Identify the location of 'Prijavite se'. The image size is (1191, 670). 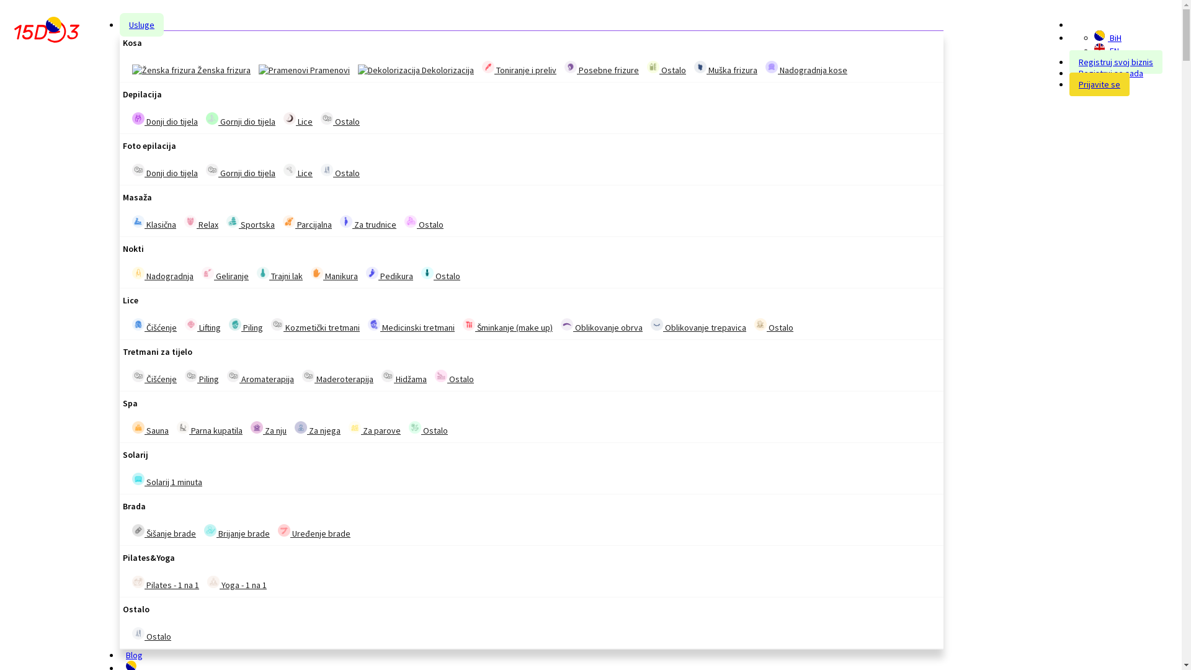
(1099, 84).